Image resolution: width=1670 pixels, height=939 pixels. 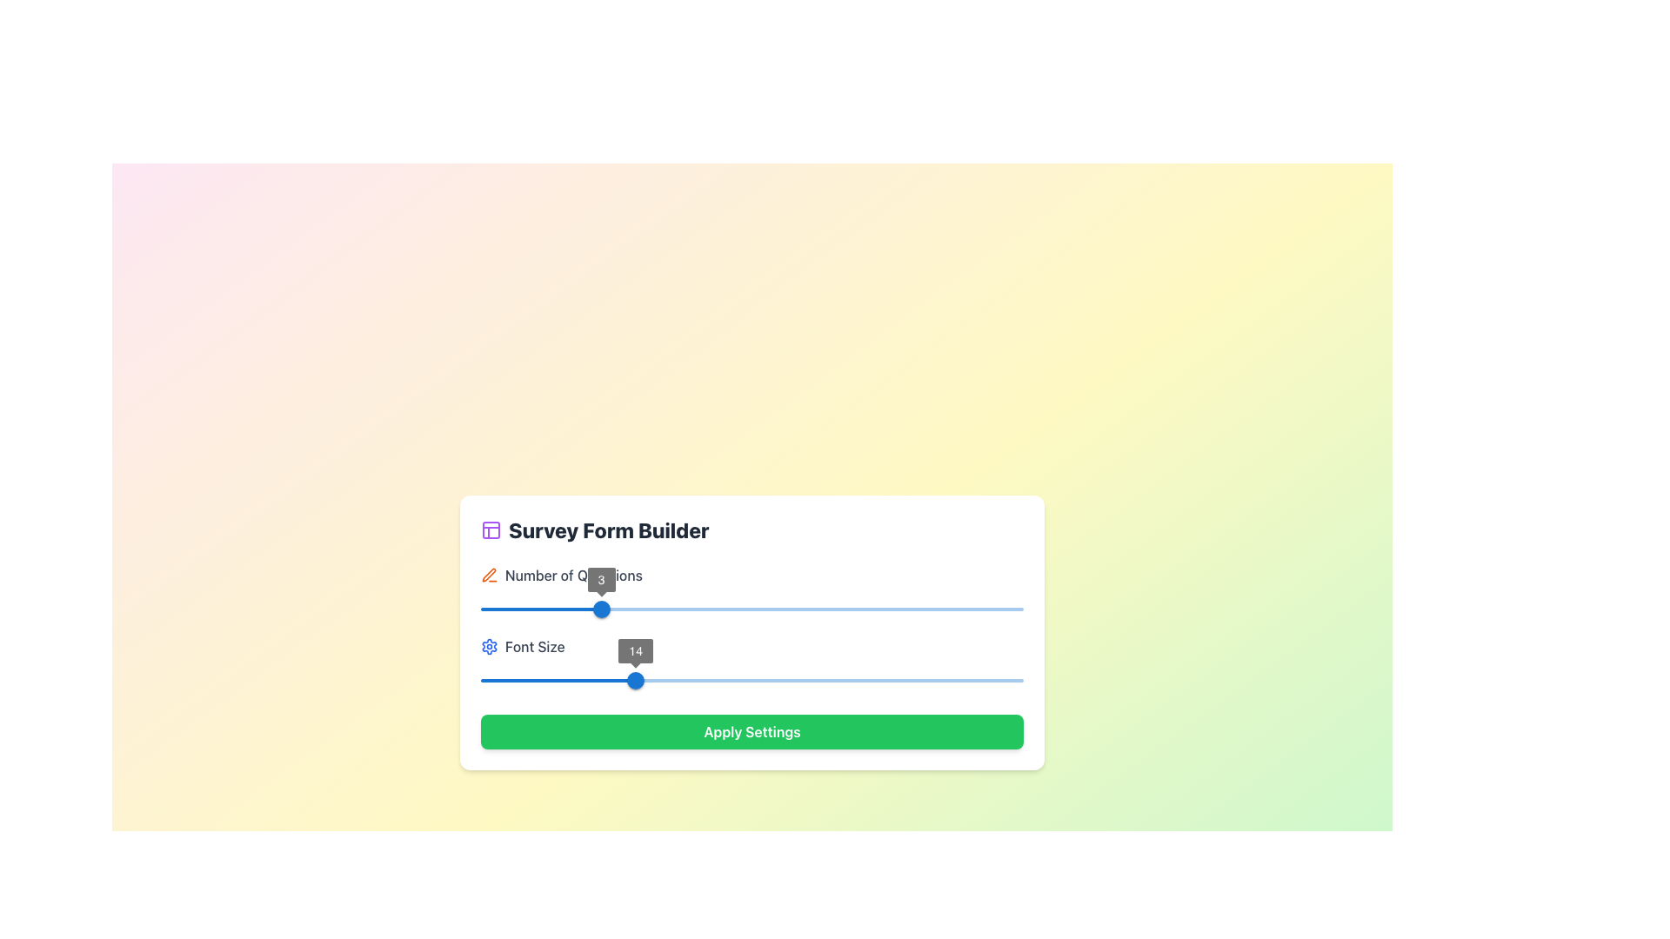 I want to click on the slider control for adjusting the font size, which is located below the 'Number of Questions' section and above the 'Apply Settings' button, so click(x=751, y=664).